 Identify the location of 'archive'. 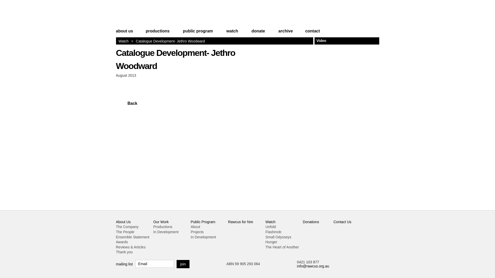
(285, 33).